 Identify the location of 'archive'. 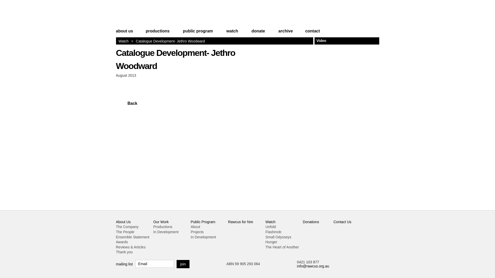
(285, 33).